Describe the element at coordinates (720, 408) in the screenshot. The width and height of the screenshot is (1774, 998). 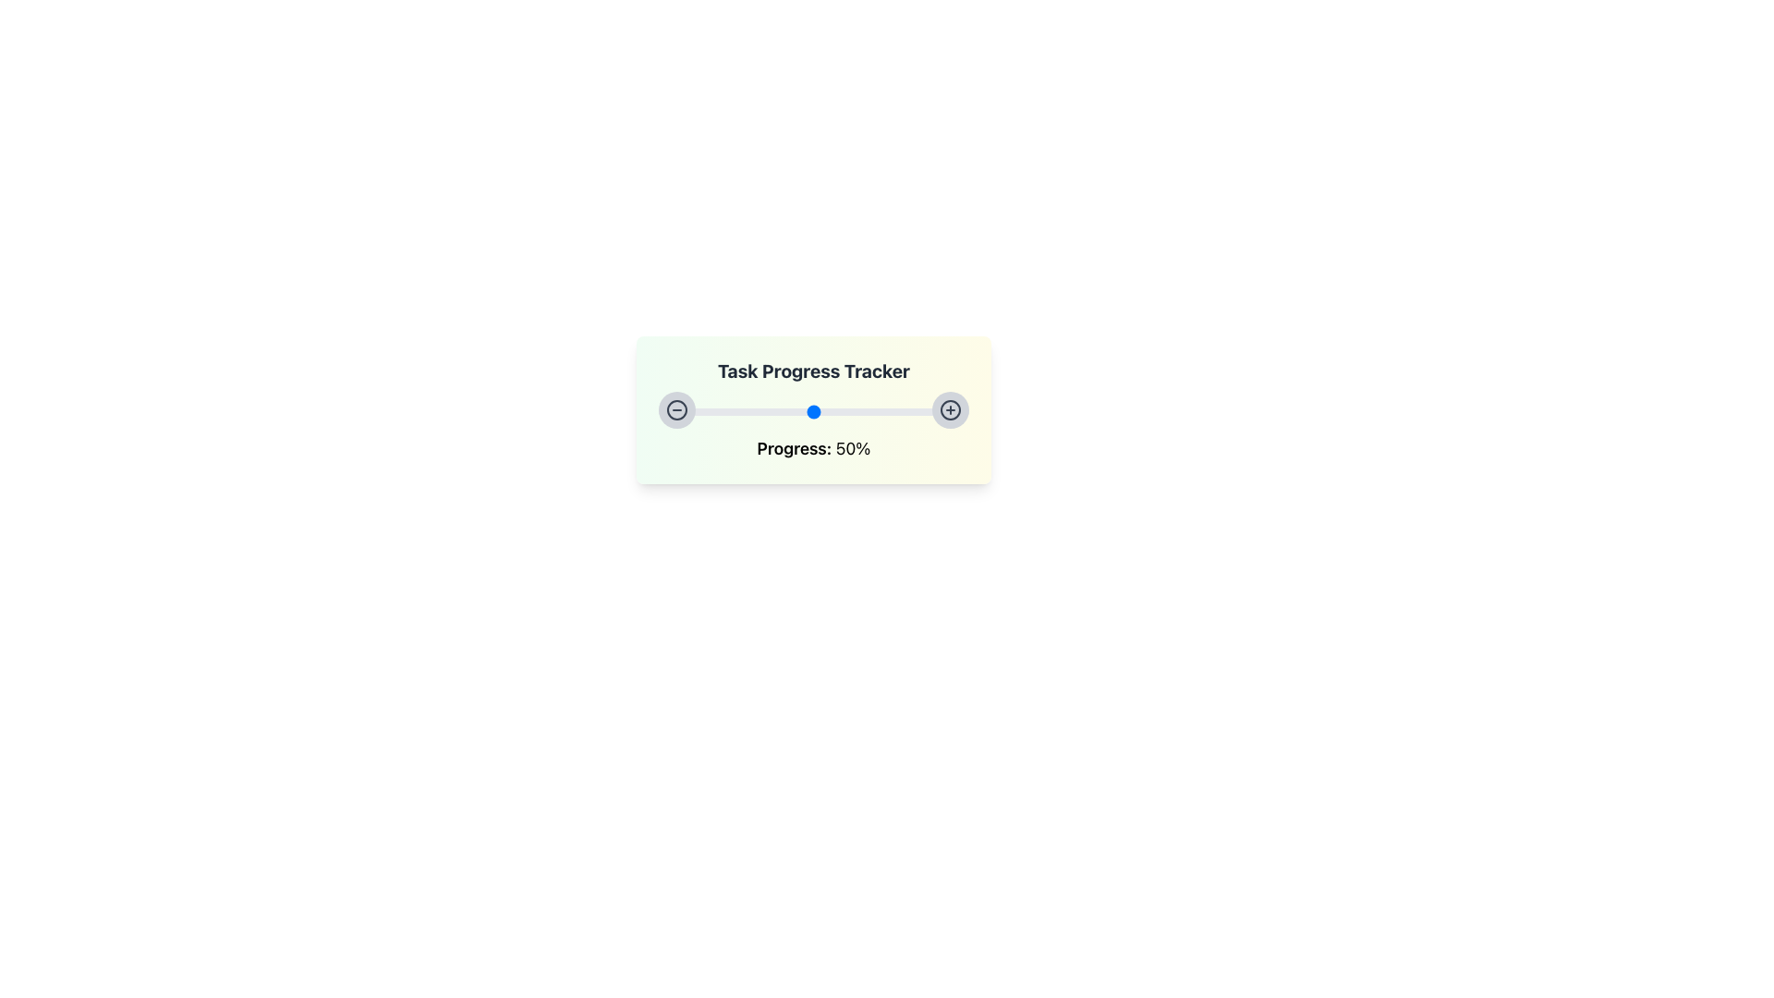
I see `progress value` at that location.